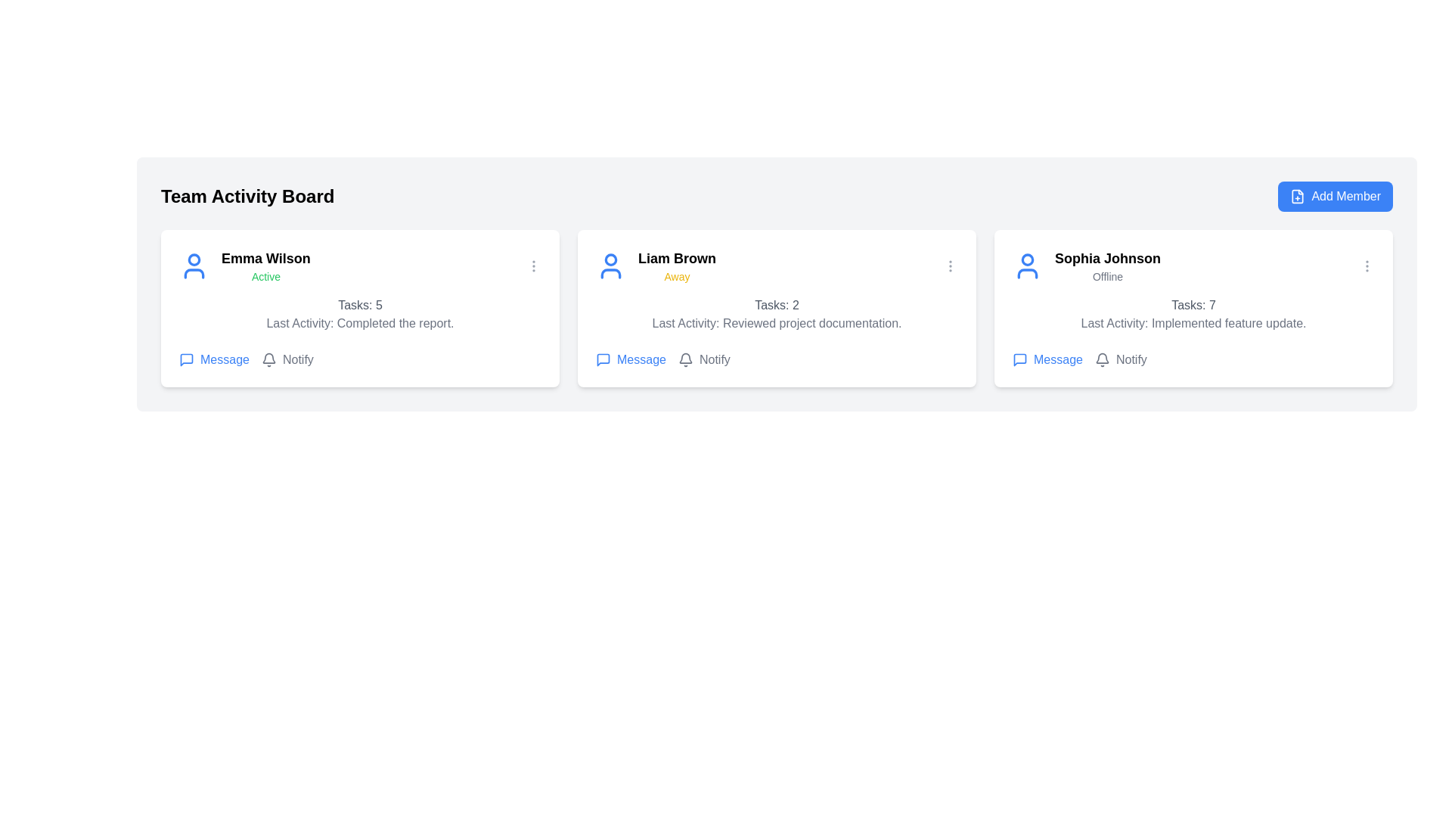 This screenshot has width=1452, height=817. Describe the element at coordinates (1027, 274) in the screenshot. I see `the user profile picture icon in the 'Sophia Johnson' card, located at the top-left corner, above her name and to the left of her status text` at that location.